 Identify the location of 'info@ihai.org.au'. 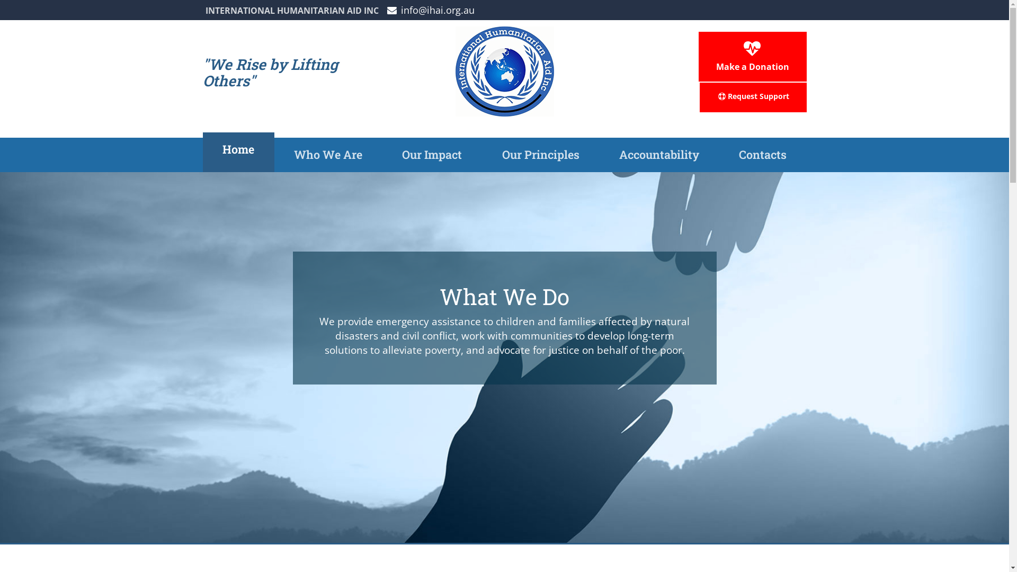
(430, 10).